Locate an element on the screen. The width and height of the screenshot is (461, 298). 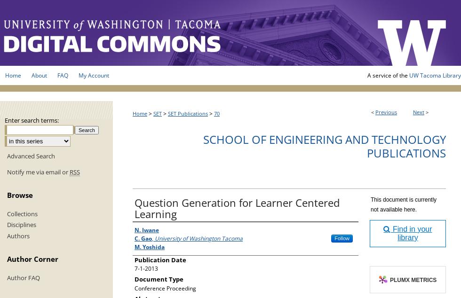
'University of Washington Tacoma' is located at coordinates (199, 237).